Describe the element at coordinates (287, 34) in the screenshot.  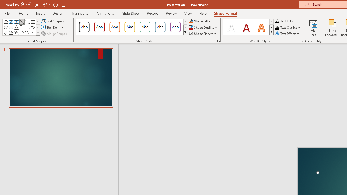
I see `'Text Effects'` at that location.